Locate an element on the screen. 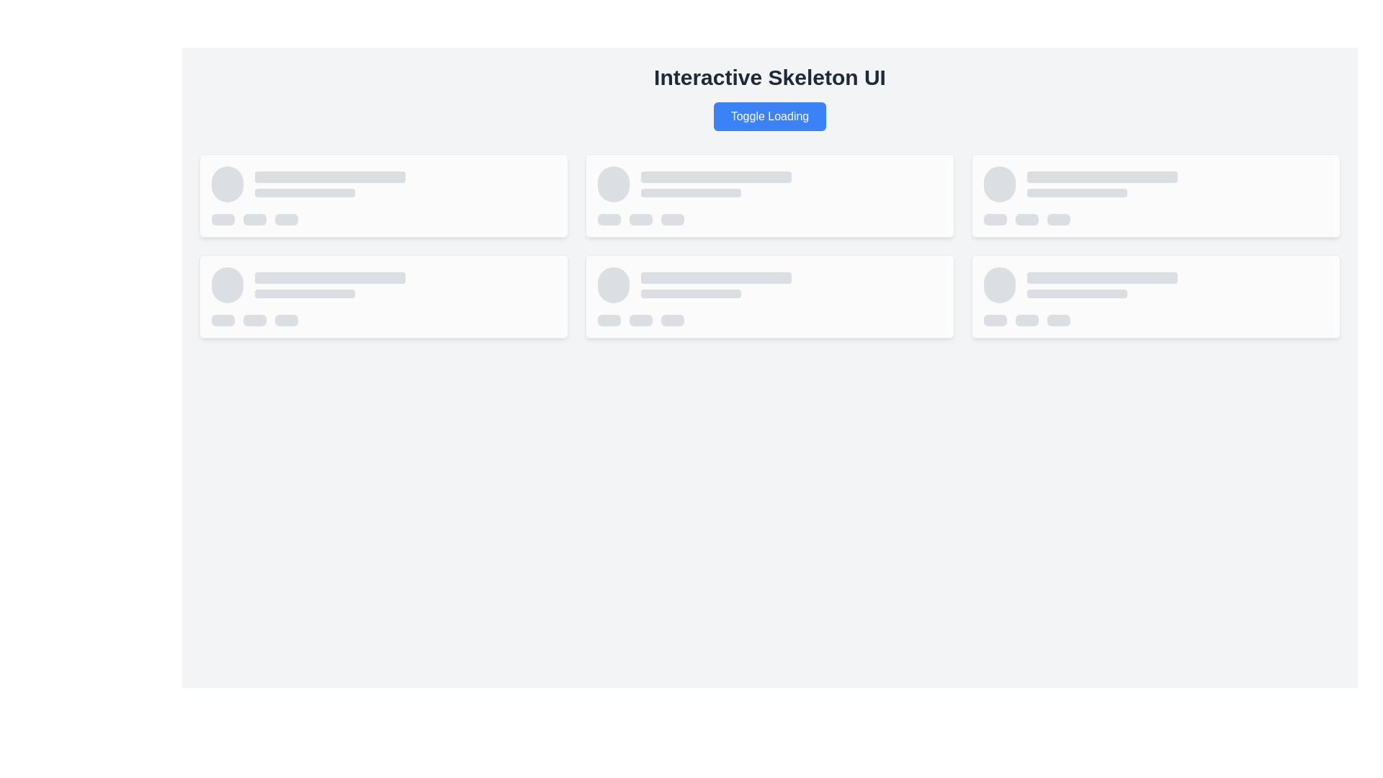 This screenshot has height=778, width=1383. the Placeholder Component, which features a circular avatar-like placeholder on the left and two vertical gray bars on the right, located in the top-right block of the grid layout is located at coordinates (769, 183).